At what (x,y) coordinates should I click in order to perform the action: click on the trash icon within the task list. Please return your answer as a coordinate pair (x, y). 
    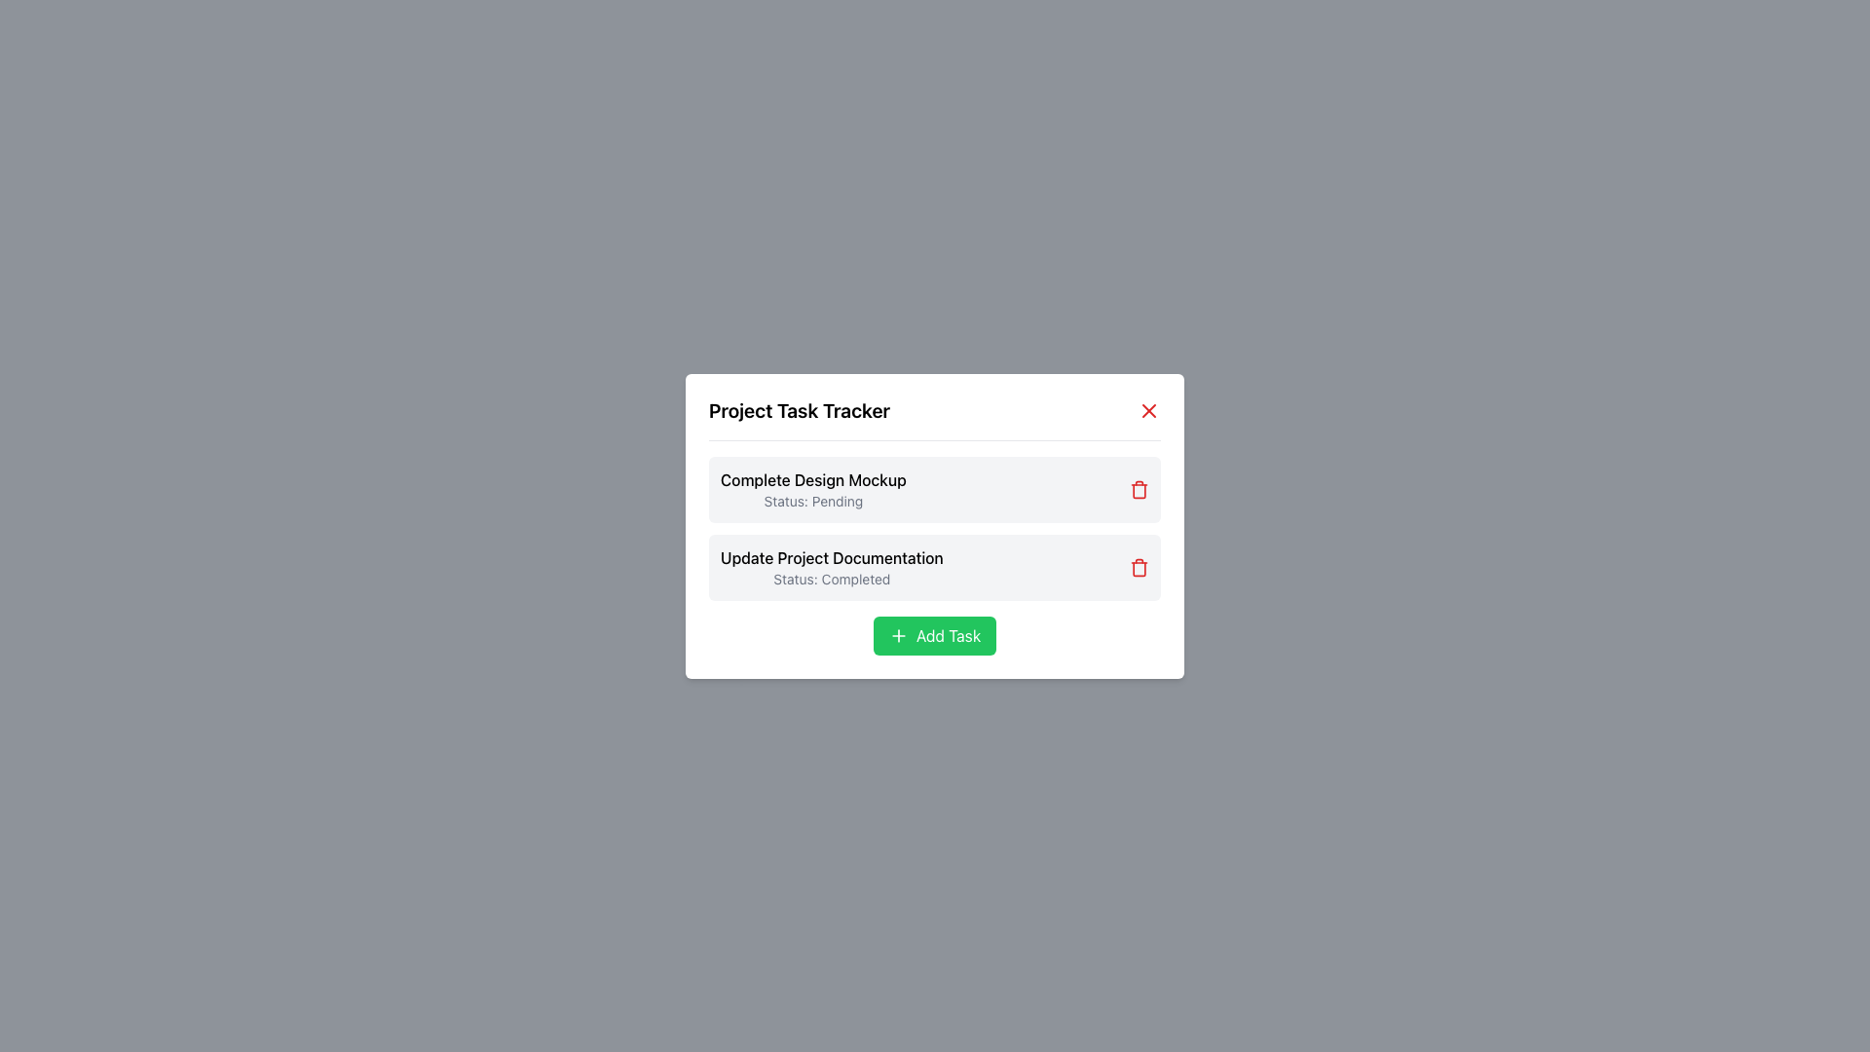
    Looking at the image, I should click on (1140, 568).